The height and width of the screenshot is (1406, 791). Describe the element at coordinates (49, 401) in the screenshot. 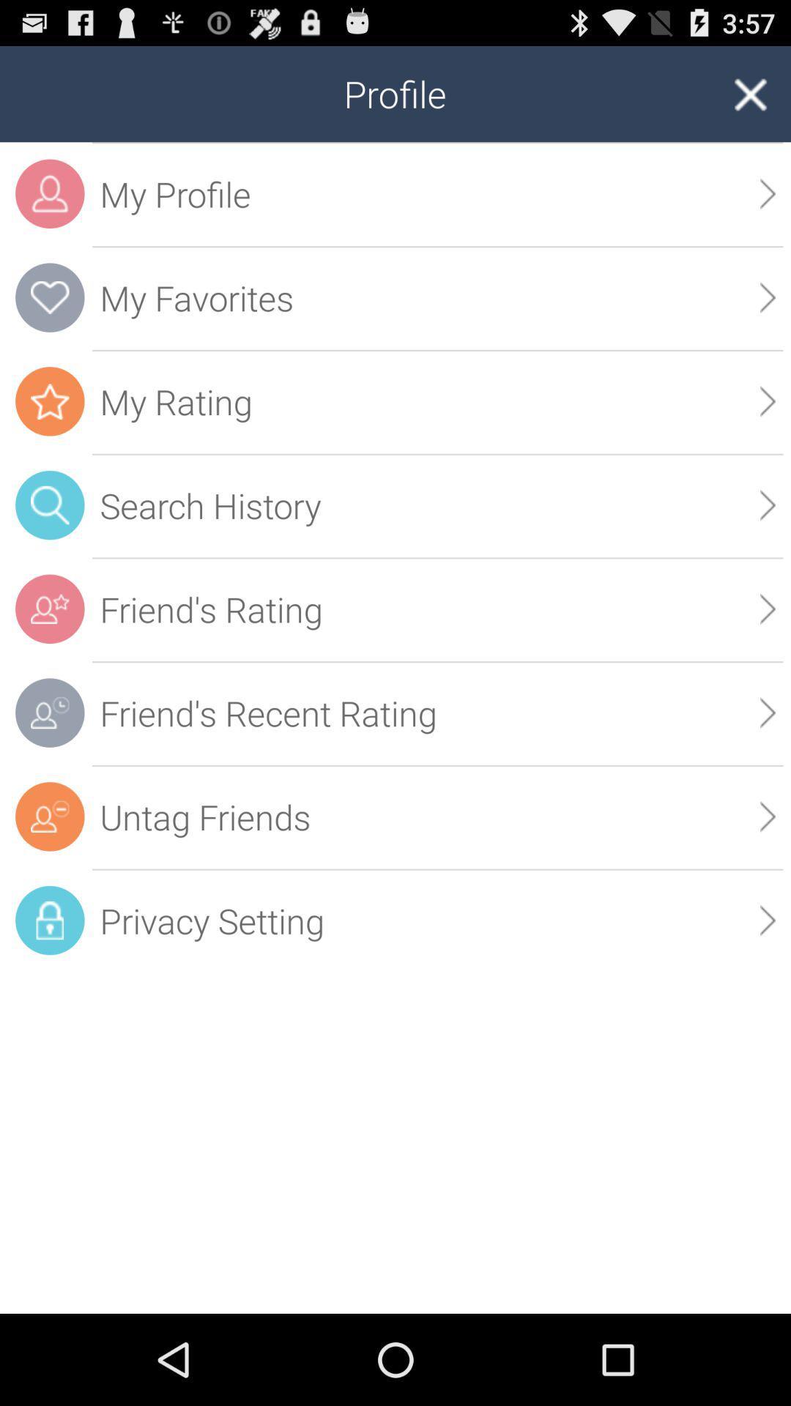

I see `the star icon which is  in the orange color` at that location.